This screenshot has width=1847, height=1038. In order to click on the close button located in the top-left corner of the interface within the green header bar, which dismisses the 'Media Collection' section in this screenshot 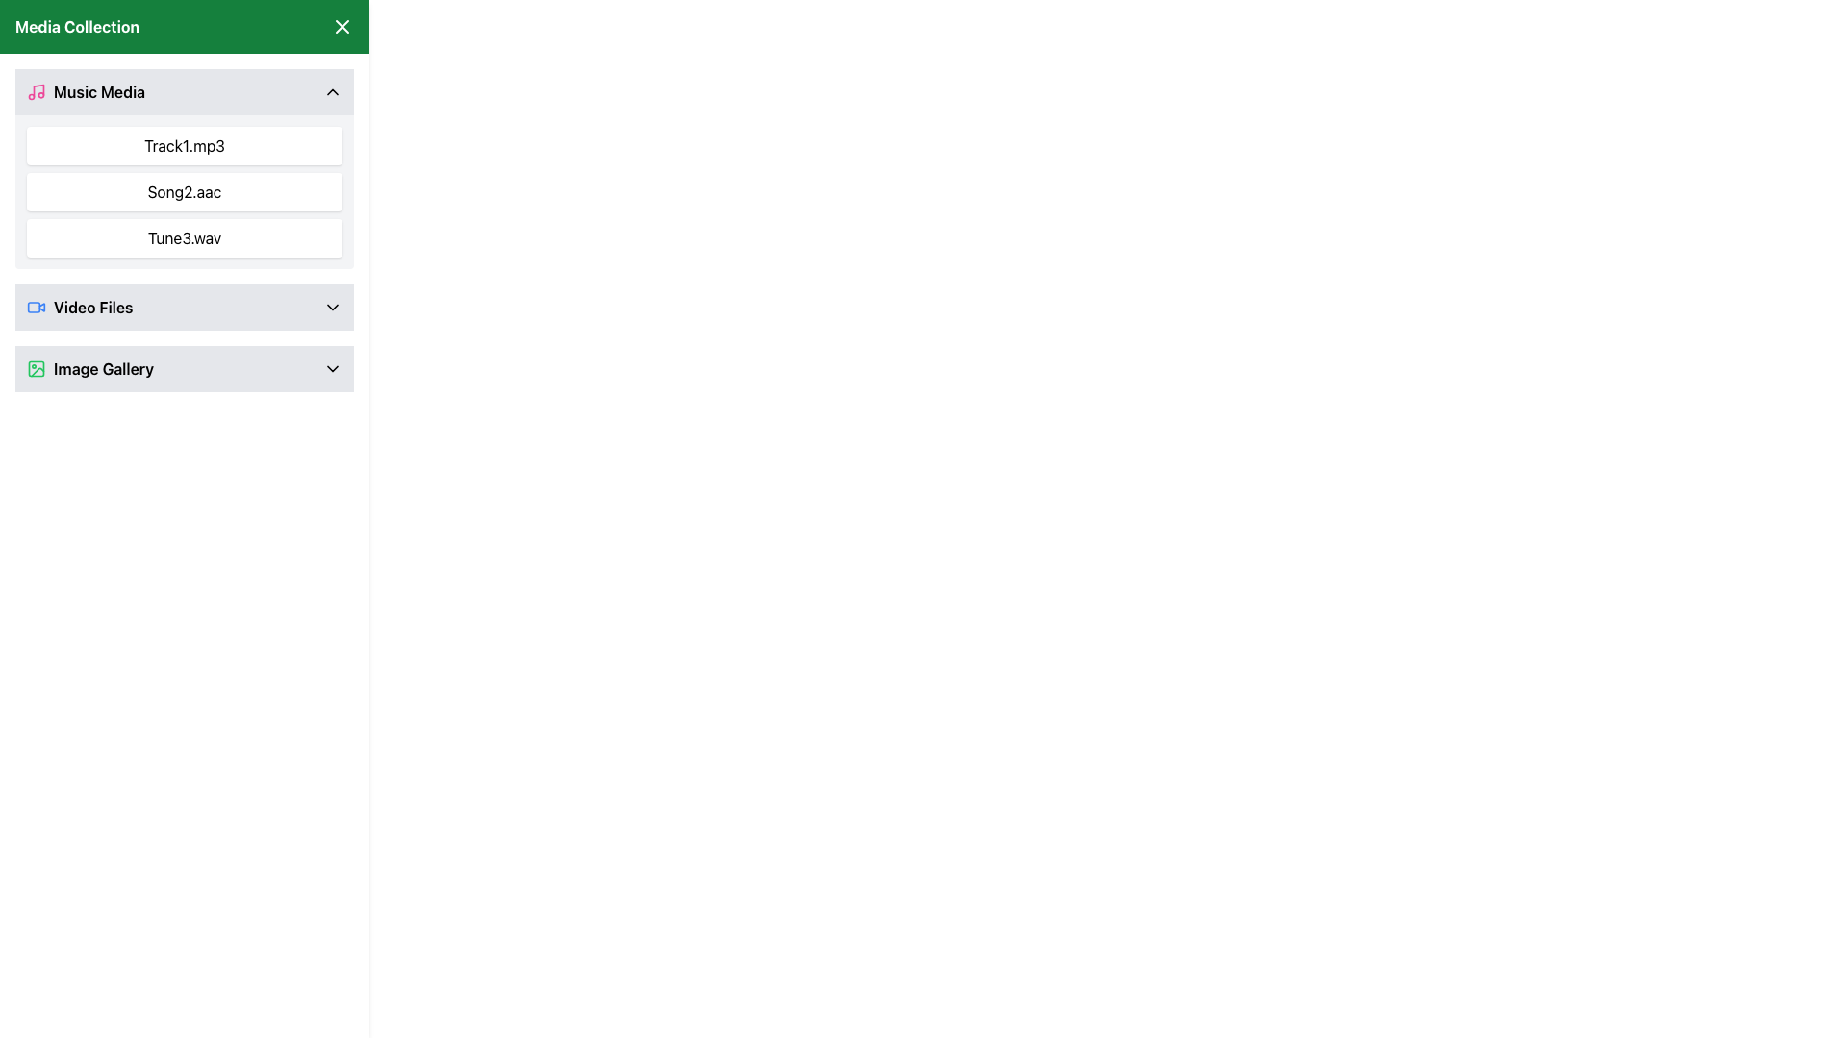, I will do `click(342, 26)`.